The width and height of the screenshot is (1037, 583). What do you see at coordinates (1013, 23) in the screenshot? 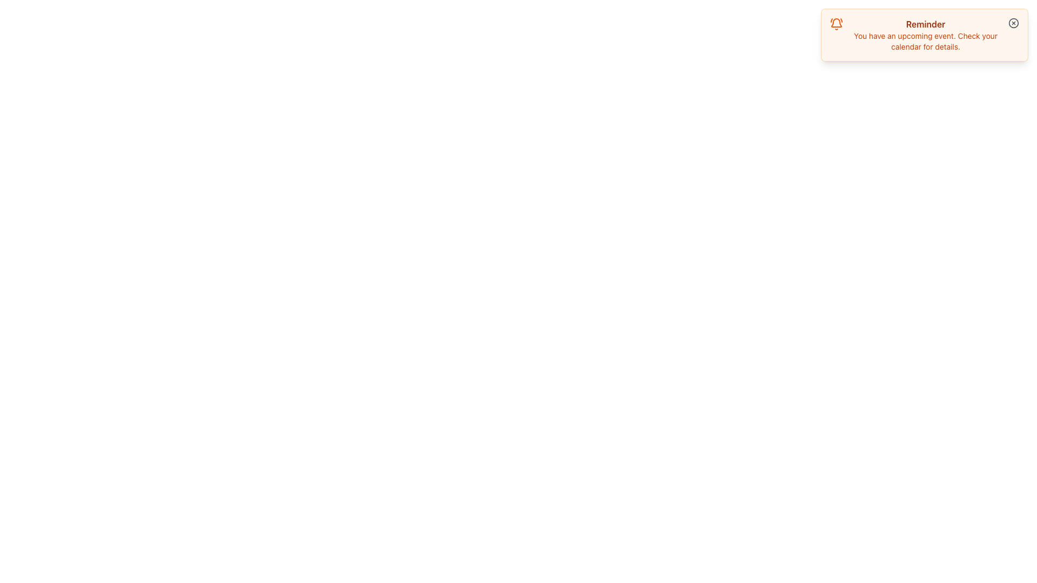
I see `the circular button with a cross icon at the top-right corner of the notification box to change its color to orange` at bounding box center [1013, 23].